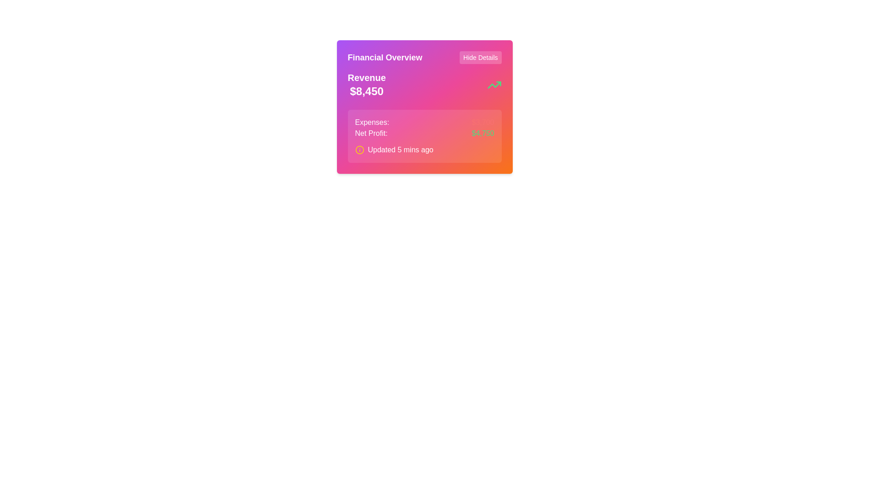 Image resolution: width=879 pixels, height=494 pixels. What do you see at coordinates (483, 122) in the screenshot?
I see `Text Label displaying the expense amount located in the bottom-right section of the 'Financial Overview' card, adjacent to the label 'Expenses:'` at bounding box center [483, 122].